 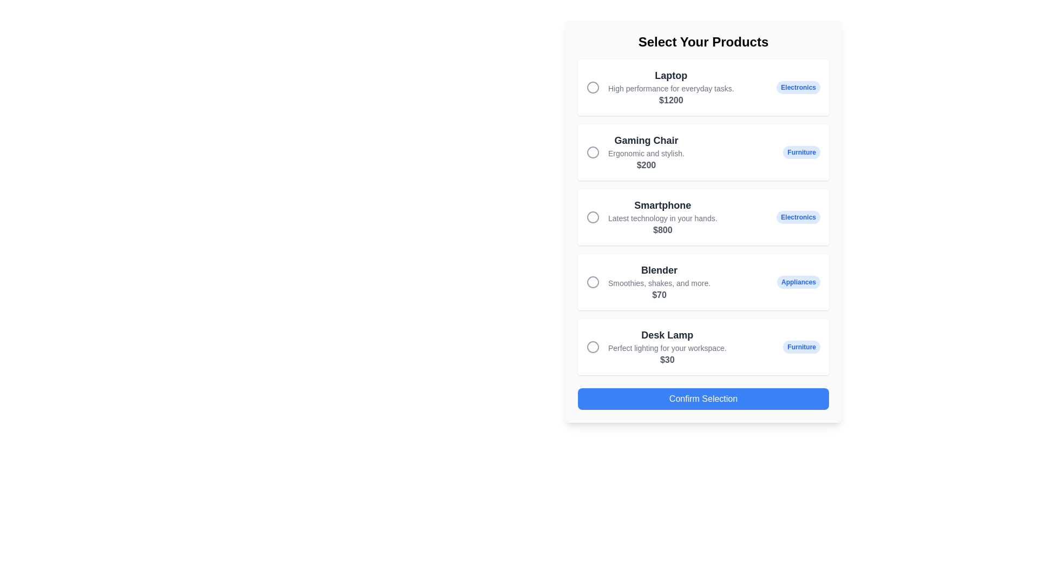 I want to click on the circular icon in the selection list next to 'Laptop High performance for everyday tasks. $1200 Electronics', so click(x=592, y=87).